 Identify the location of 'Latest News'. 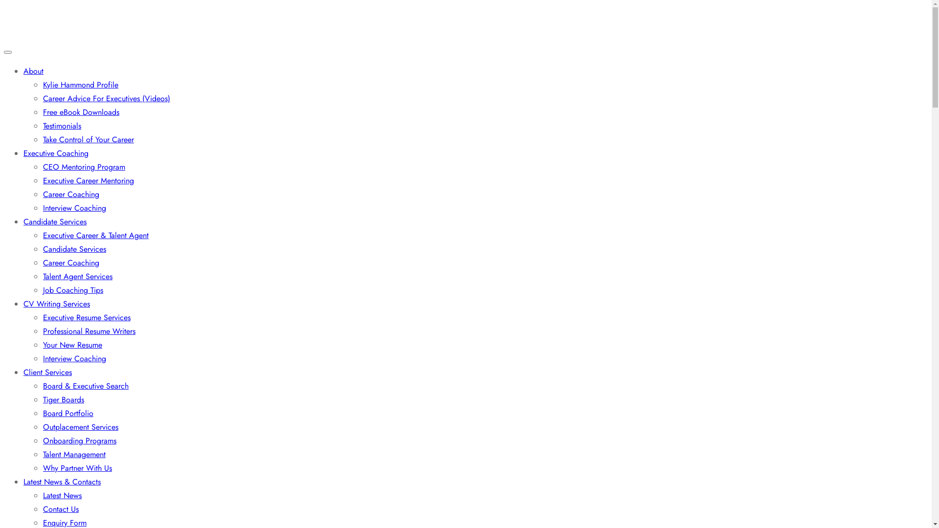
(62, 495).